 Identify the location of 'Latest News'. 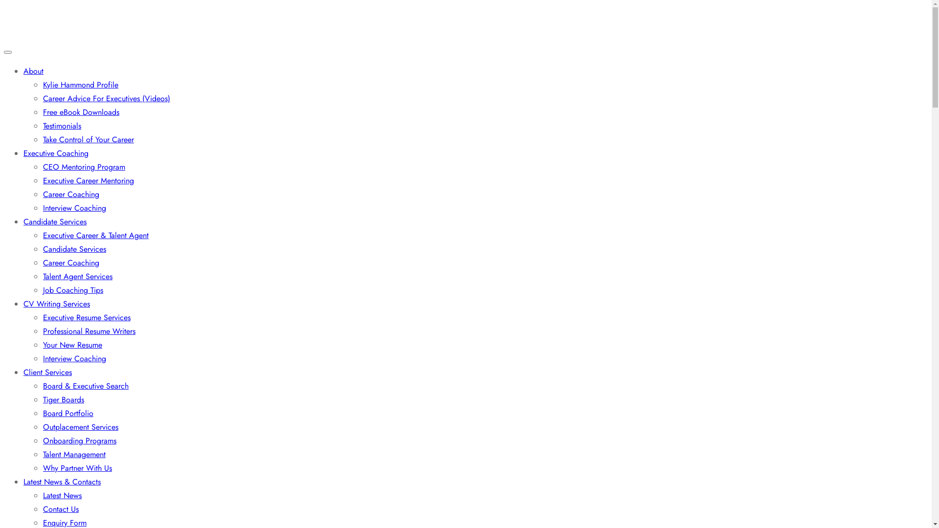
(62, 495).